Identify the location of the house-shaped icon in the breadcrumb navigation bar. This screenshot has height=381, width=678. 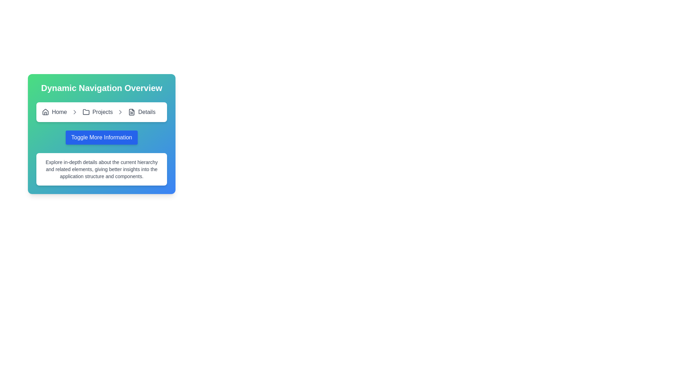
(45, 111).